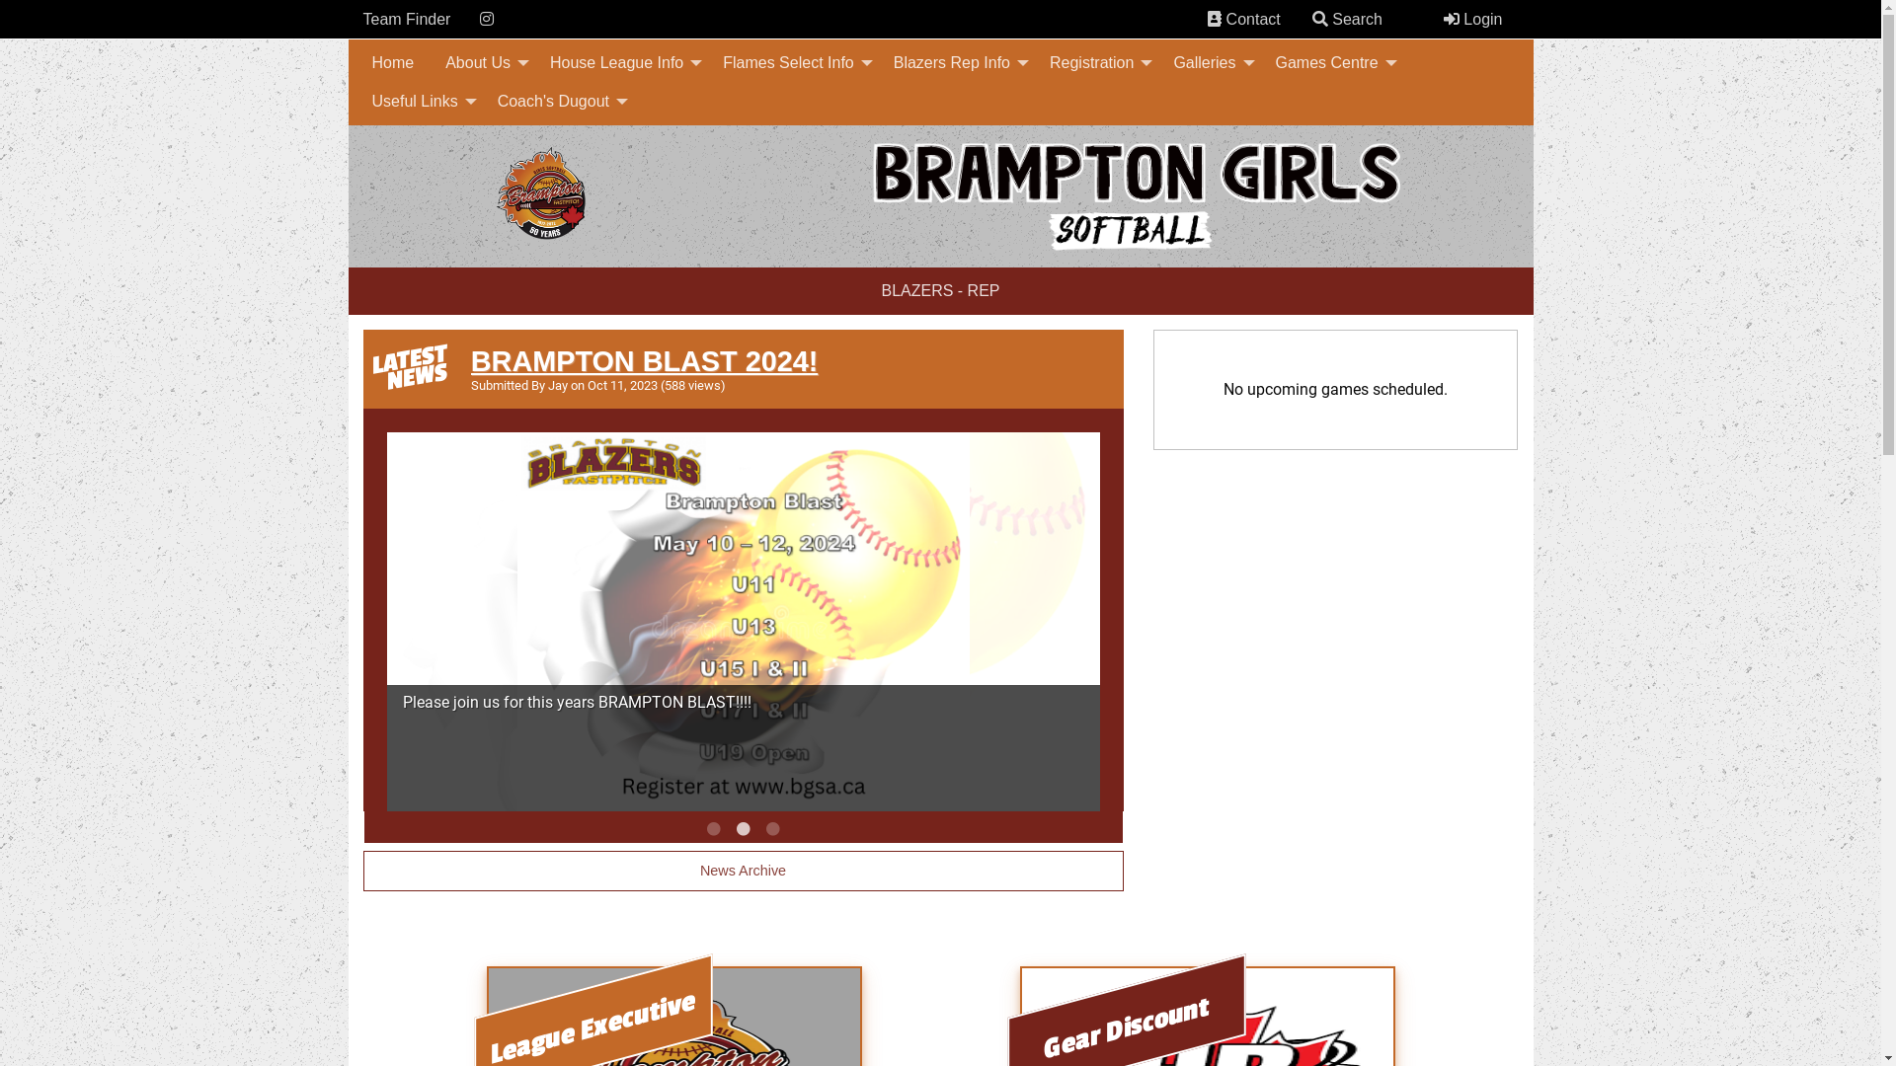 The width and height of the screenshot is (1896, 1066). I want to click on 'Registration', so click(1094, 62).